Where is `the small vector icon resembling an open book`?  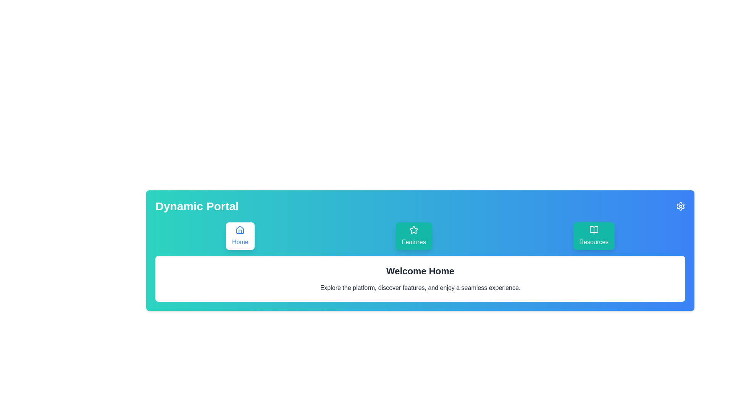
the small vector icon resembling an open book is located at coordinates (593, 229).